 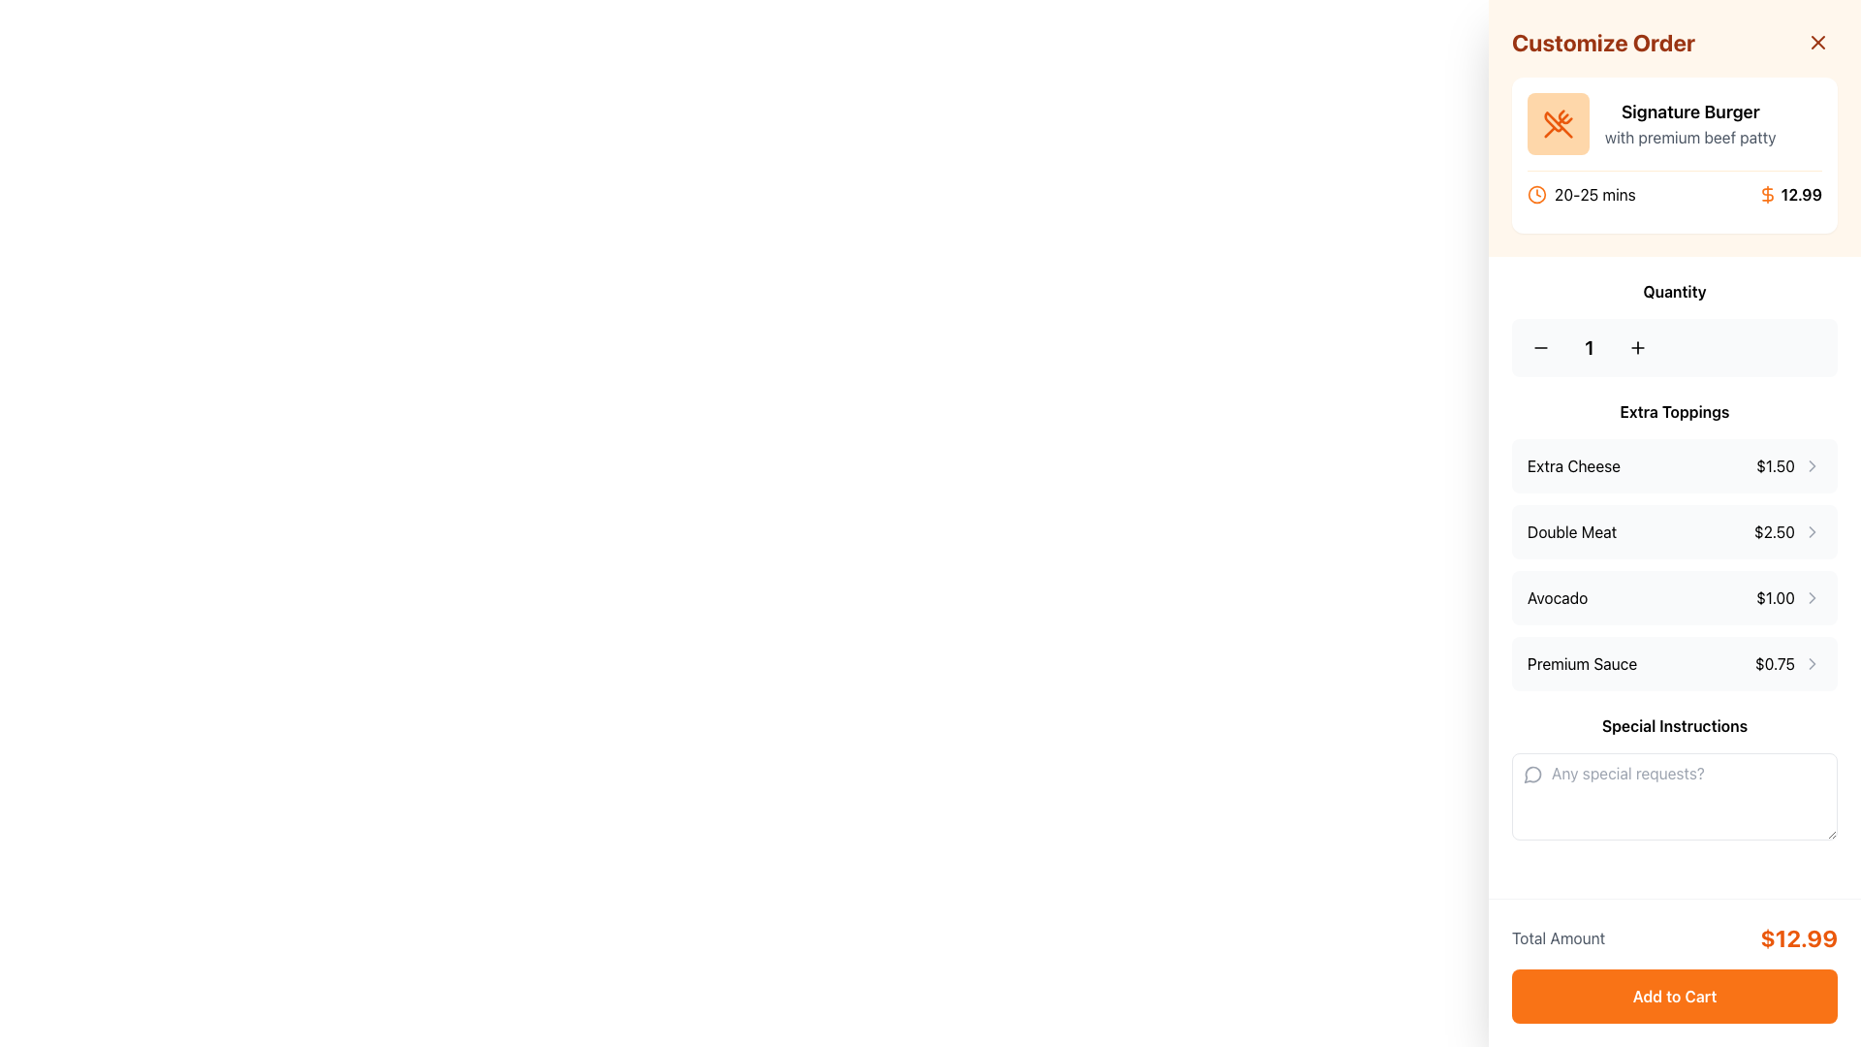 What do you see at coordinates (1558, 597) in the screenshot?
I see `the 'Extra Toppings' text label` at bounding box center [1558, 597].